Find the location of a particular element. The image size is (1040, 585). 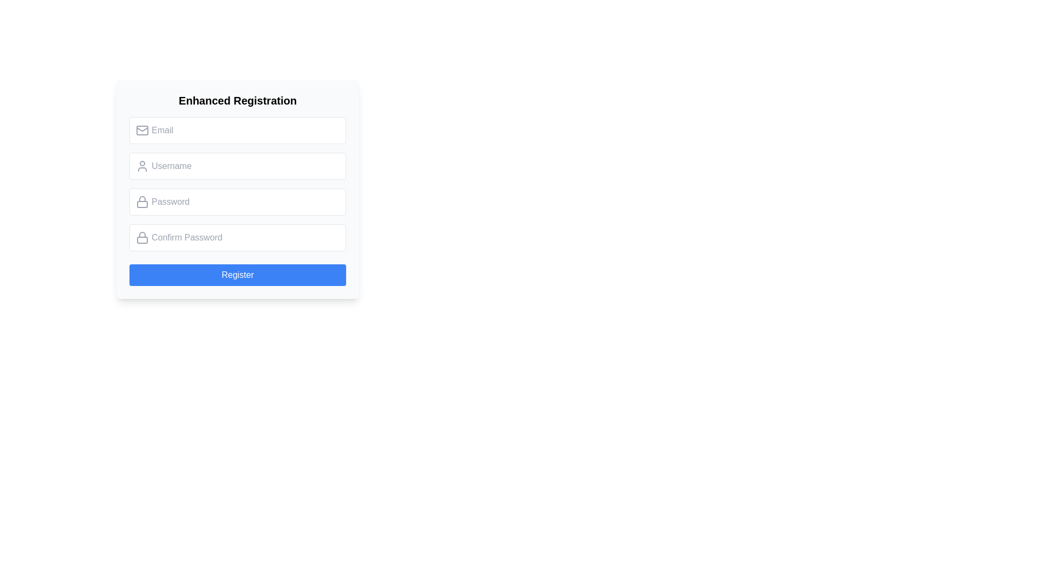

the lock icon located inside the 'Confirm Password' input field, positioned on the left side near the placeholder text is located at coordinates (142, 234).